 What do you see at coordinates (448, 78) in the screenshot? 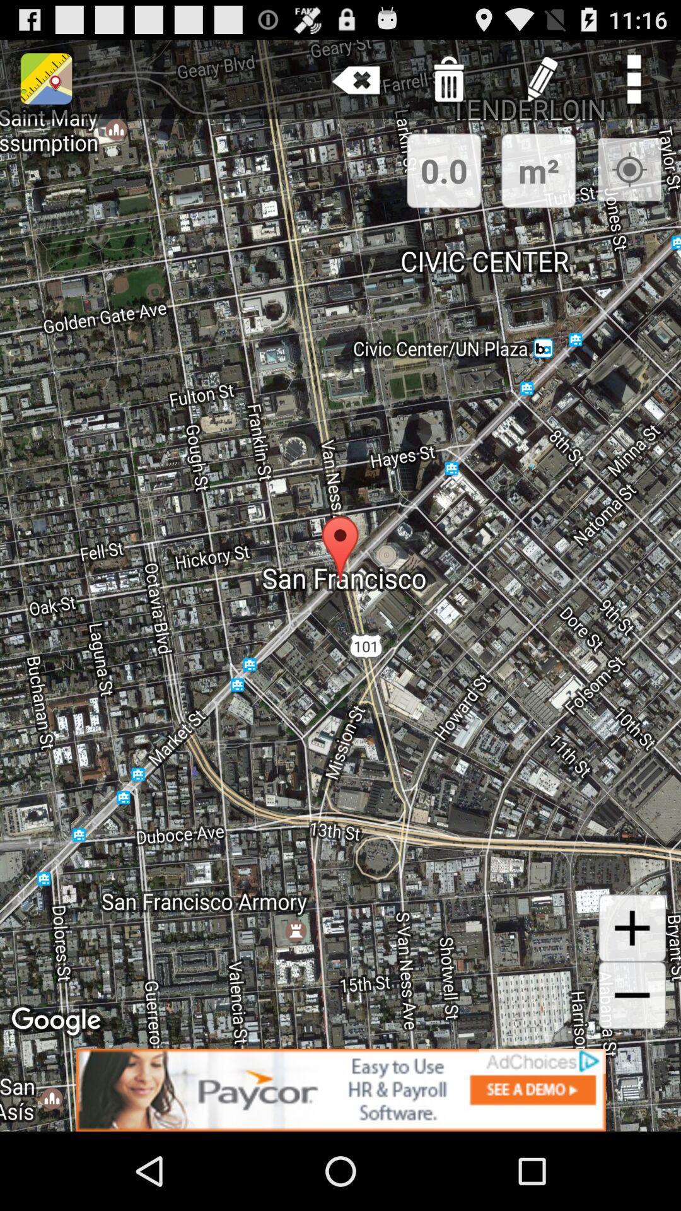
I see `item above the 0.0 icon` at bounding box center [448, 78].